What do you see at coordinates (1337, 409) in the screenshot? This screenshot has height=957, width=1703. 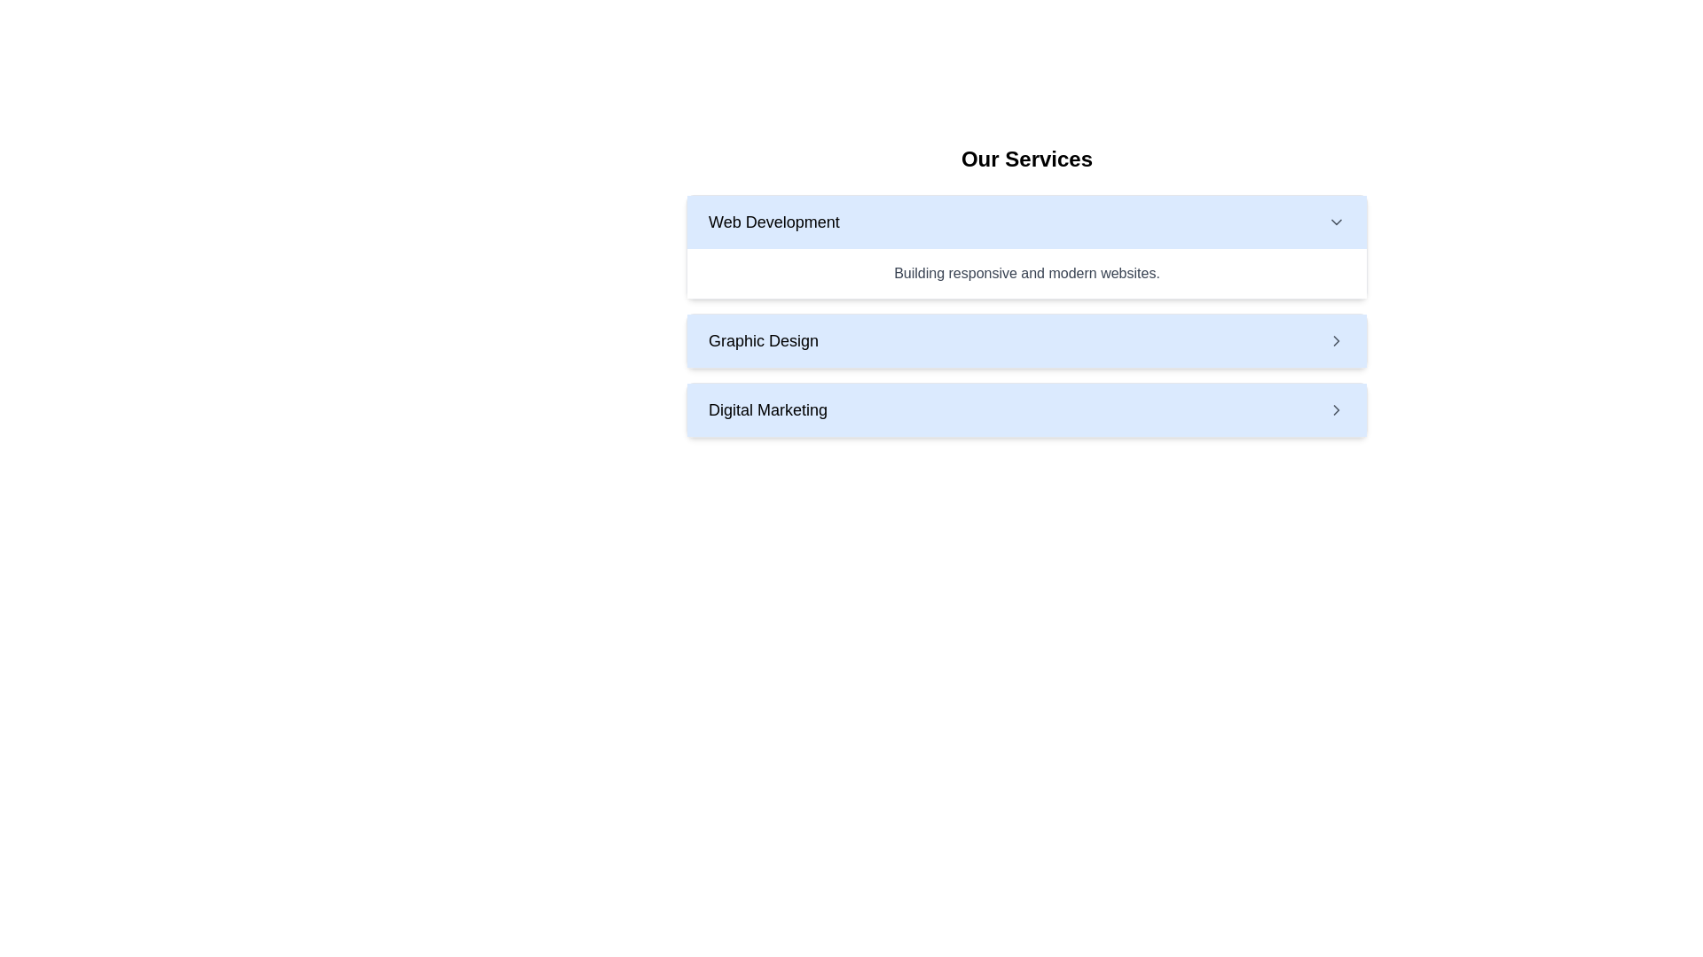 I see `the right-pointing chevron arrow icon in the 'Digital Marketing' section` at bounding box center [1337, 409].